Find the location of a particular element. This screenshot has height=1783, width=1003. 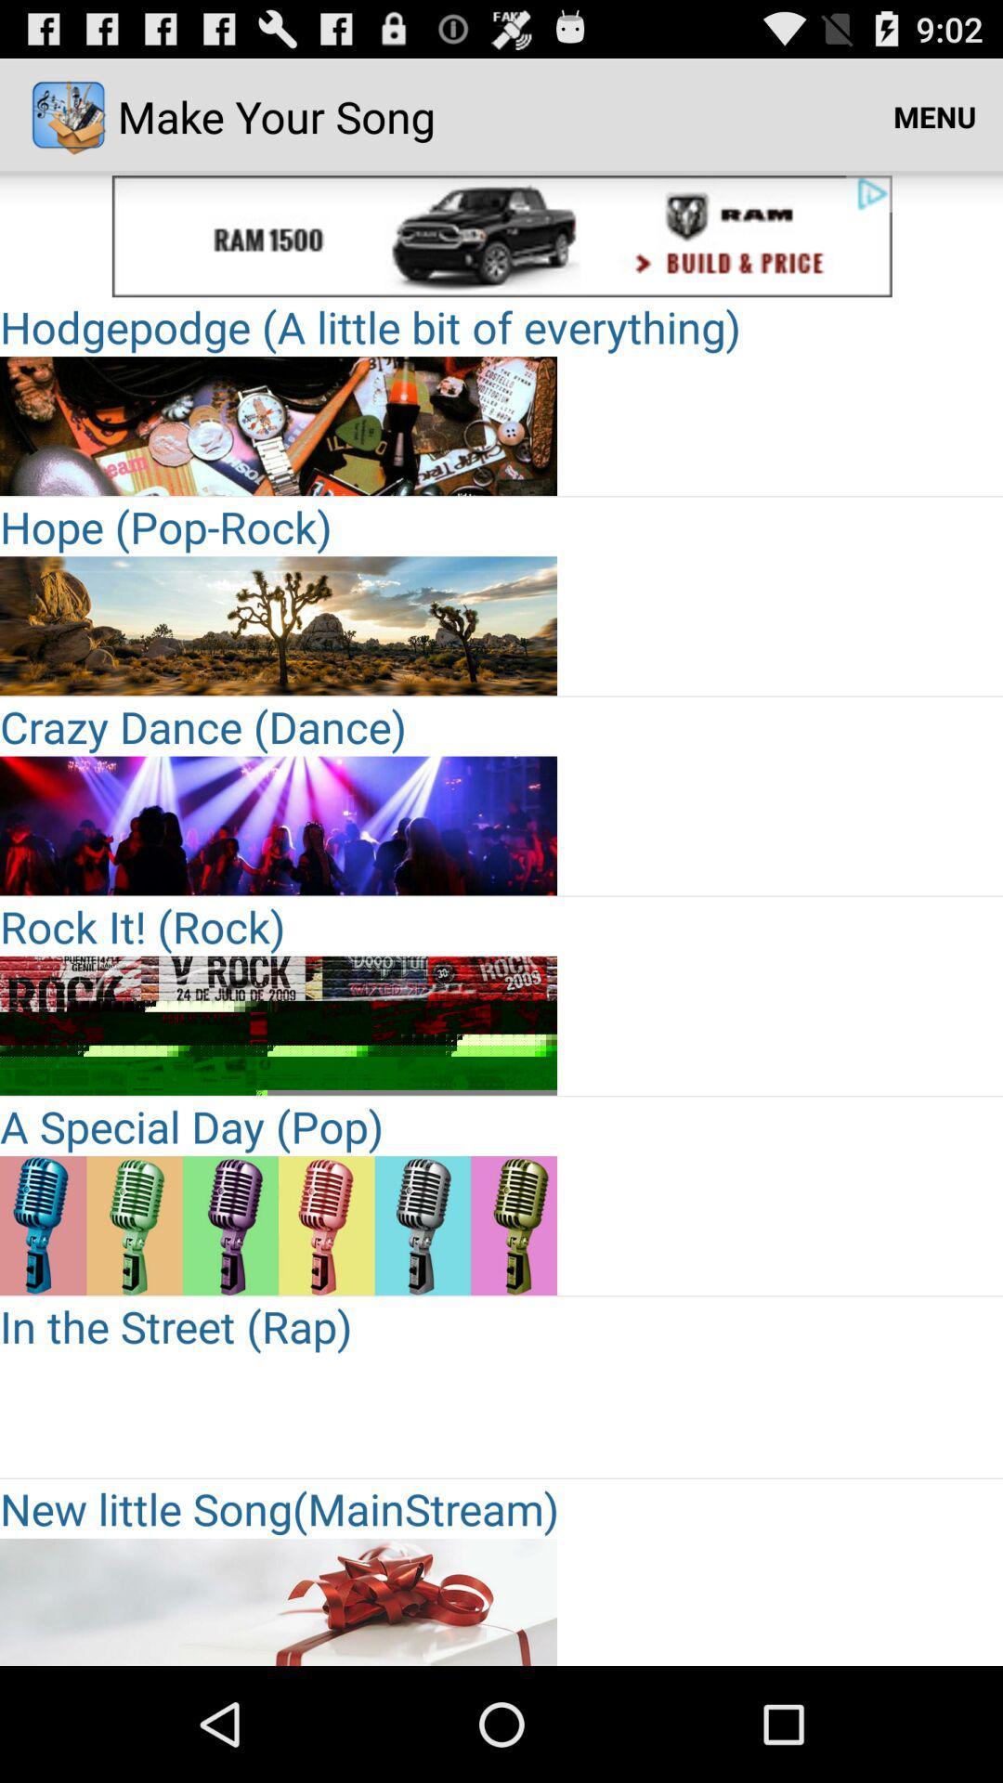

the option is located at coordinates (279, 1226).